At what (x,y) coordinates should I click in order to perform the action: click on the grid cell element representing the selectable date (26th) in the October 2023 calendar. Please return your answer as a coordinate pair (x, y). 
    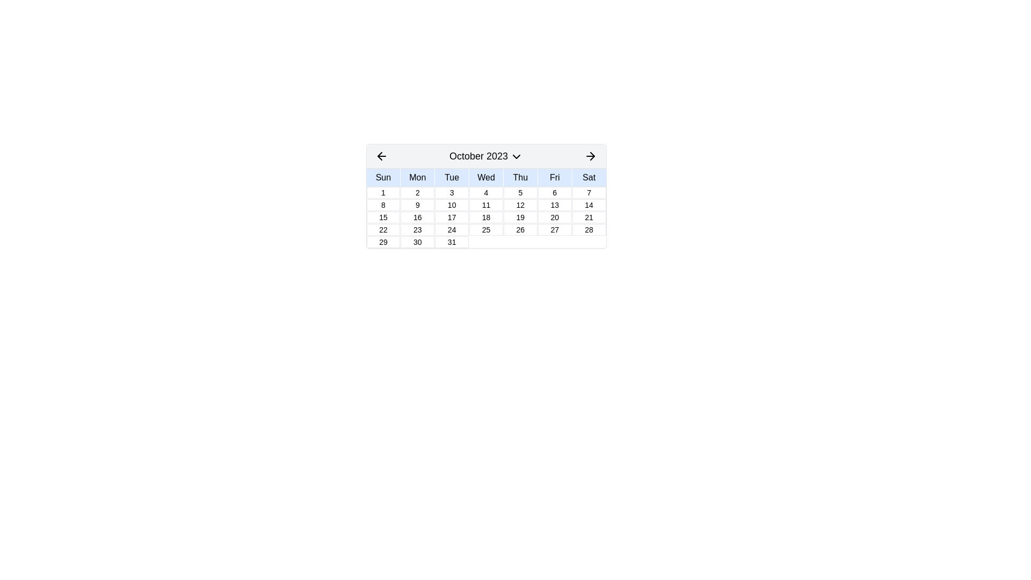
    Looking at the image, I should click on (520, 229).